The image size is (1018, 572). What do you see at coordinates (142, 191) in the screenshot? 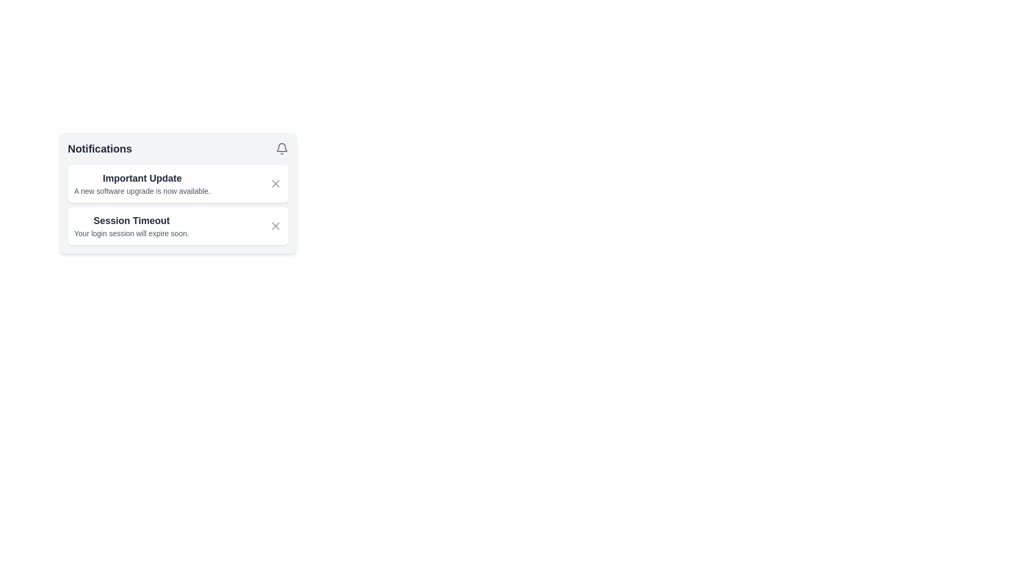
I see `text label that displays 'A new software upgrade is now available.' located under the heading 'Important Update' in the notification card` at bounding box center [142, 191].